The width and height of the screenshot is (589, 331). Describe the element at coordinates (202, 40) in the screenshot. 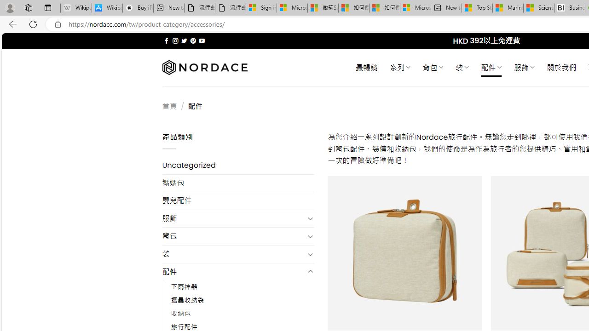

I see `'Follow on YouTube'` at that location.